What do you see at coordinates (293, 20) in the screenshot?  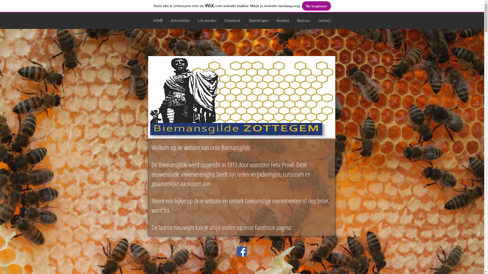 I see `'Bestuur'` at bounding box center [293, 20].